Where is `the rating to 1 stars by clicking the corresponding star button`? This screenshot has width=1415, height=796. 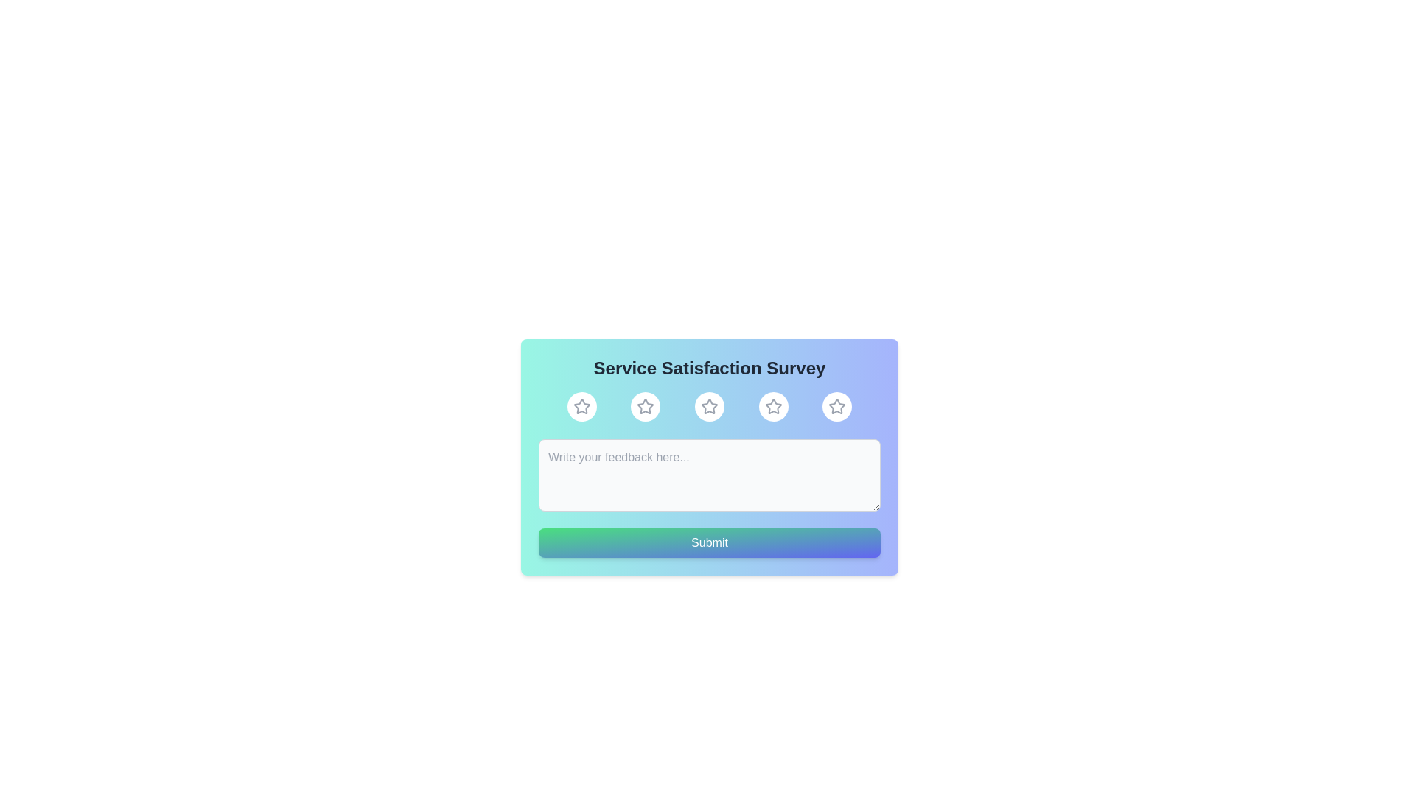
the rating to 1 stars by clicking the corresponding star button is located at coordinates (581, 406).